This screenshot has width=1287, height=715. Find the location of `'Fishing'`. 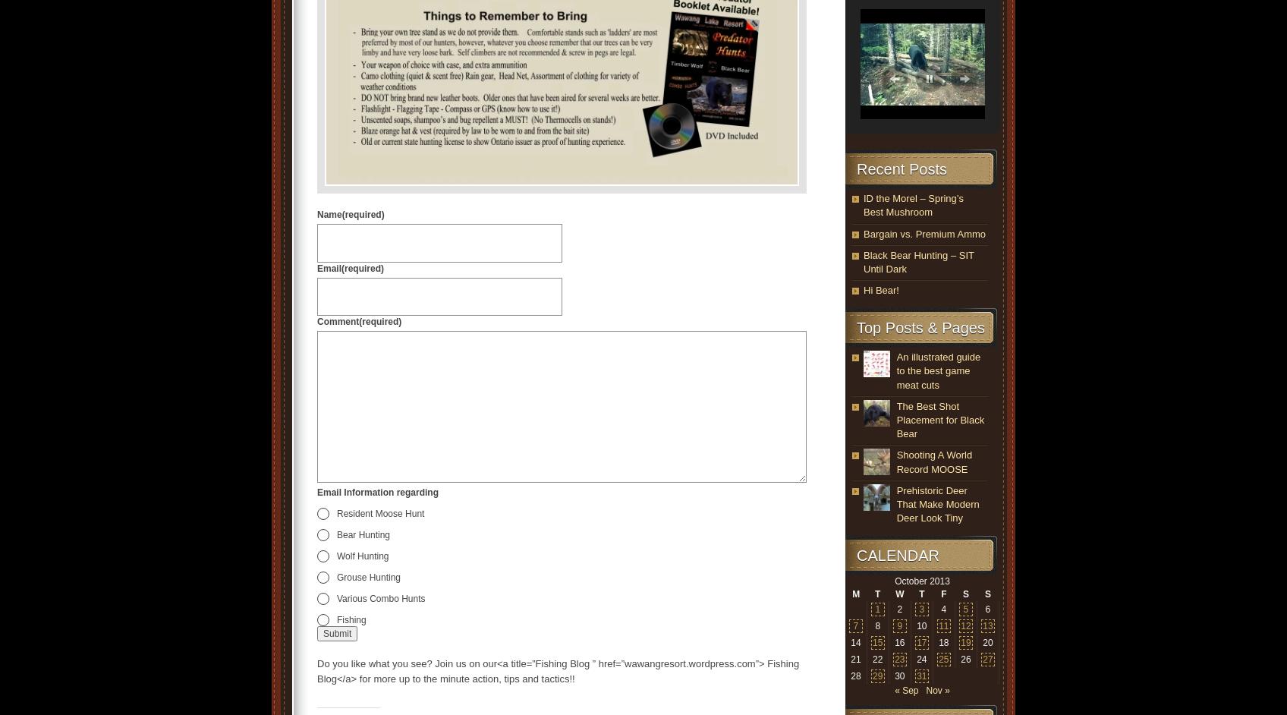

'Fishing' is located at coordinates (351, 619).